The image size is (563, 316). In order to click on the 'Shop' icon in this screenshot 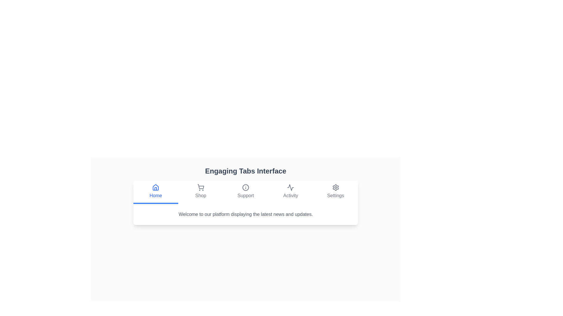, I will do `click(201, 187)`.